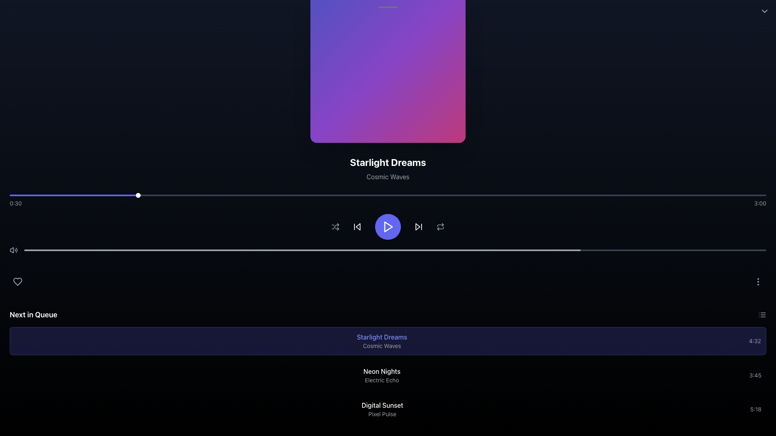 This screenshot has height=436, width=776. I want to click on the playback progress, so click(113, 250).